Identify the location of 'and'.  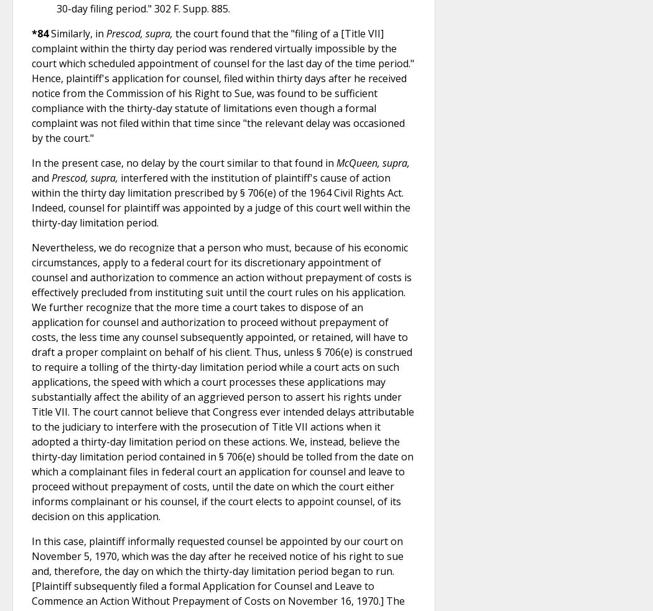
(40, 177).